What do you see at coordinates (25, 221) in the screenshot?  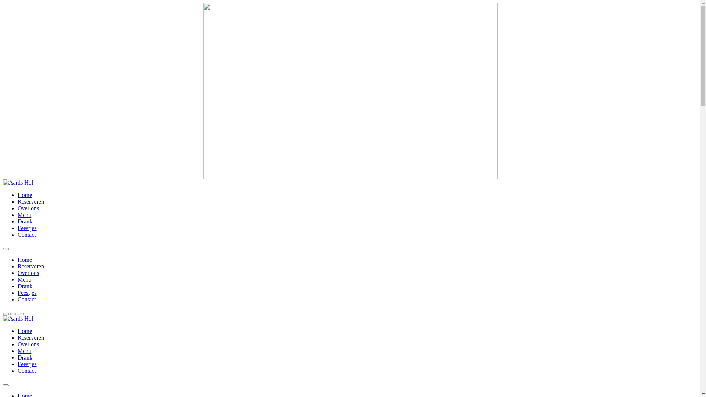 I see `'Drank'` at bounding box center [25, 221].